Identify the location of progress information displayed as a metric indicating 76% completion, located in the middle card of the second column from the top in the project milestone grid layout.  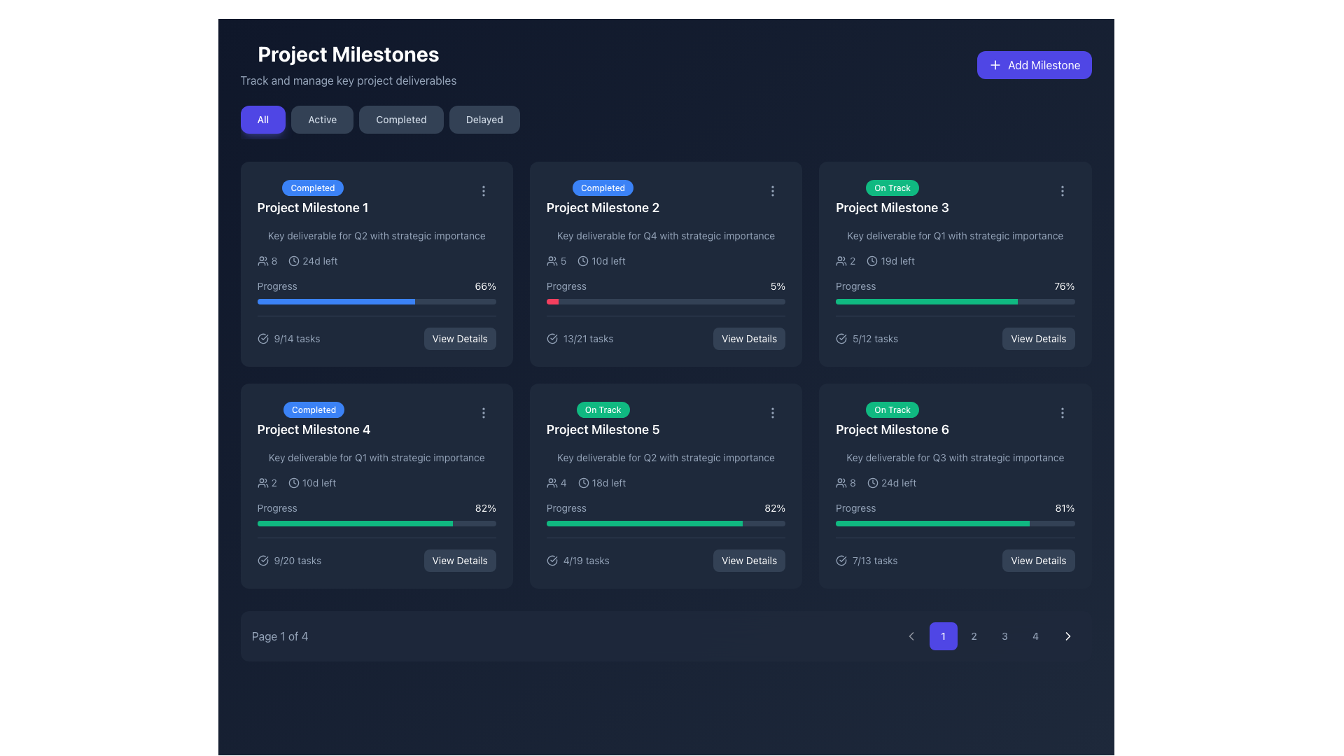
(954, 285).